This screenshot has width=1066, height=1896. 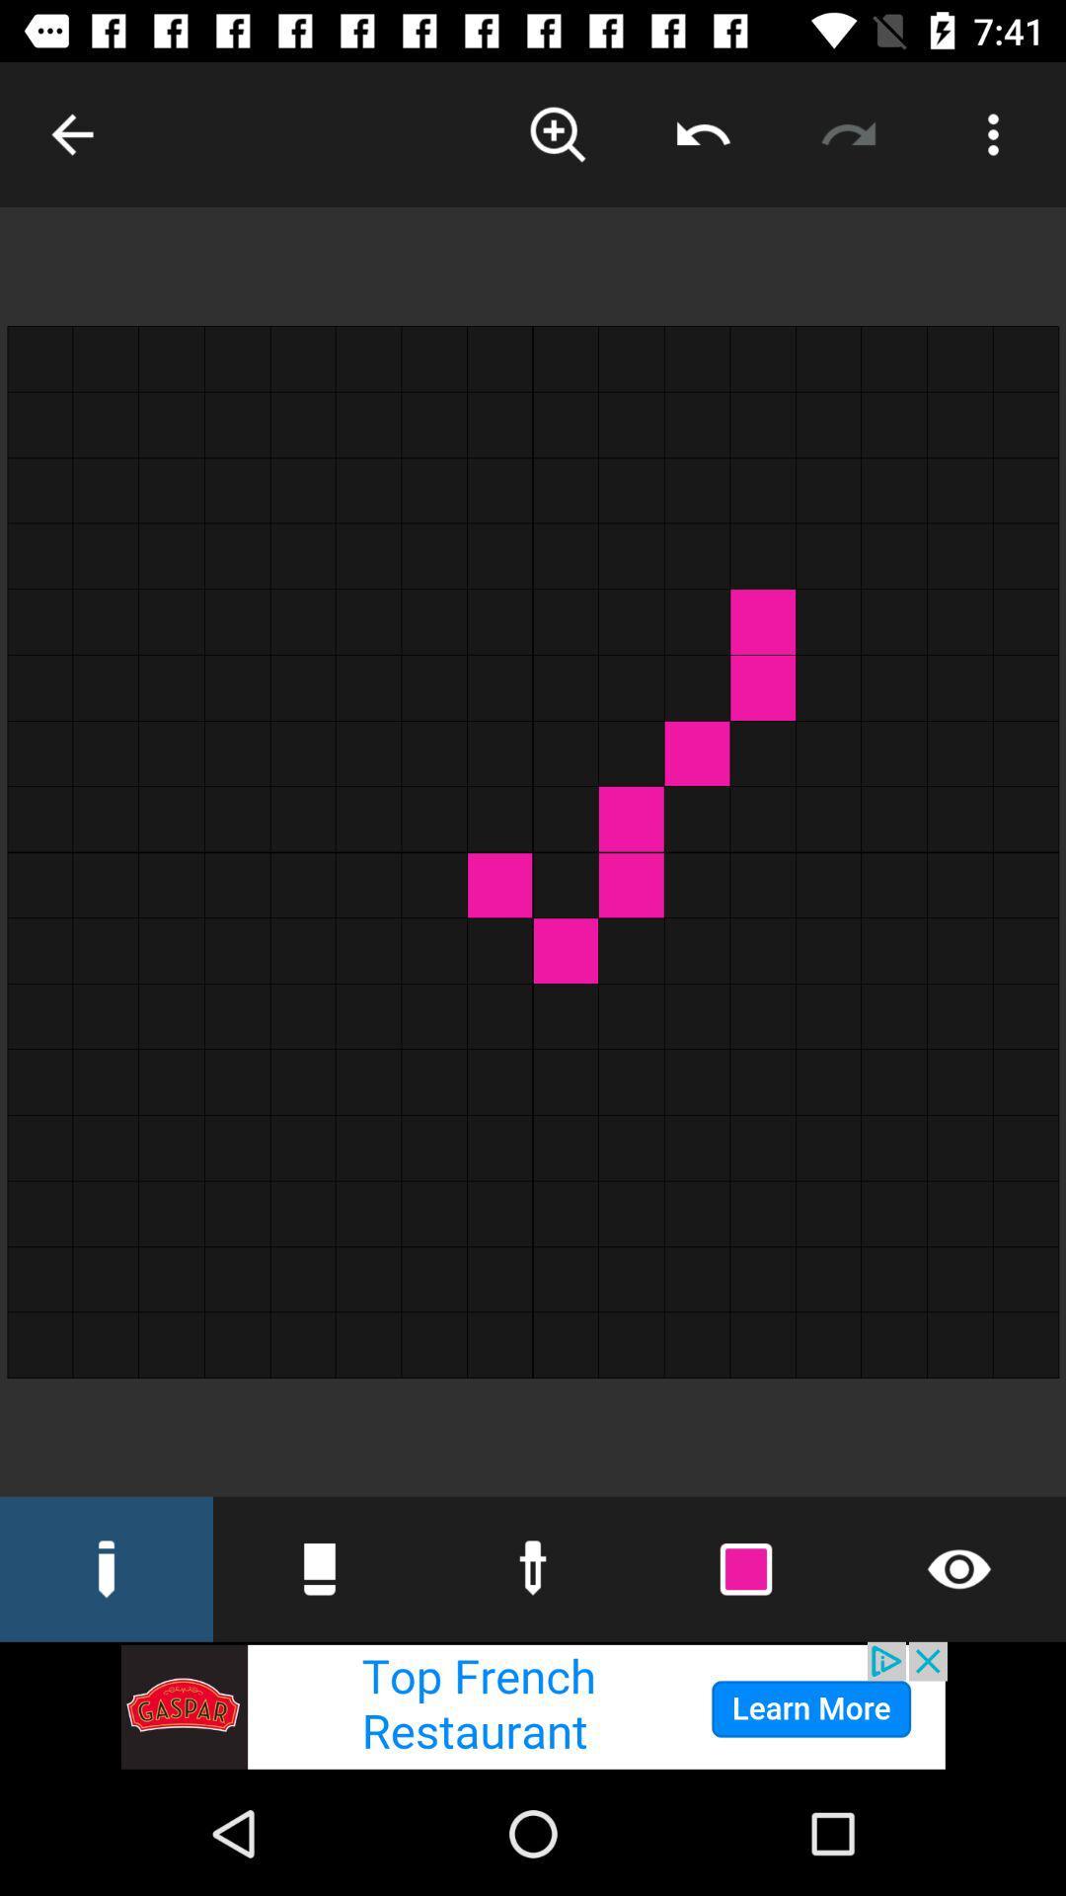 What do you see at coordinates (702, 133) in the screenshot?
I see `backword option` at bounding box center [702, 133].